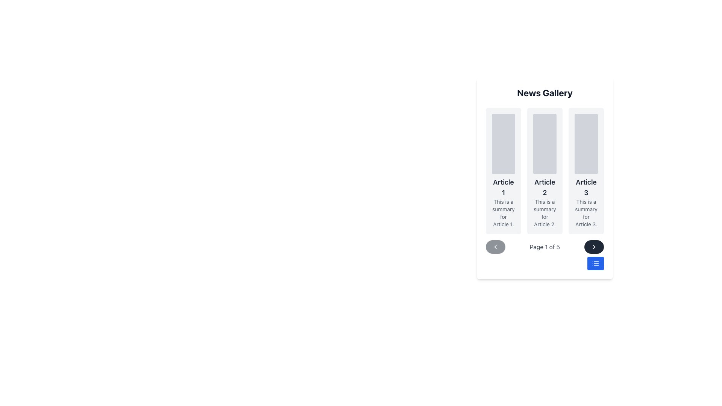 This screenshot has width=722, height=406. I want to click on the chevron-right icon located within the navigation button on the right side of the footer, adjacent to the 'Page 1 of 5' text, so click(593, 247).